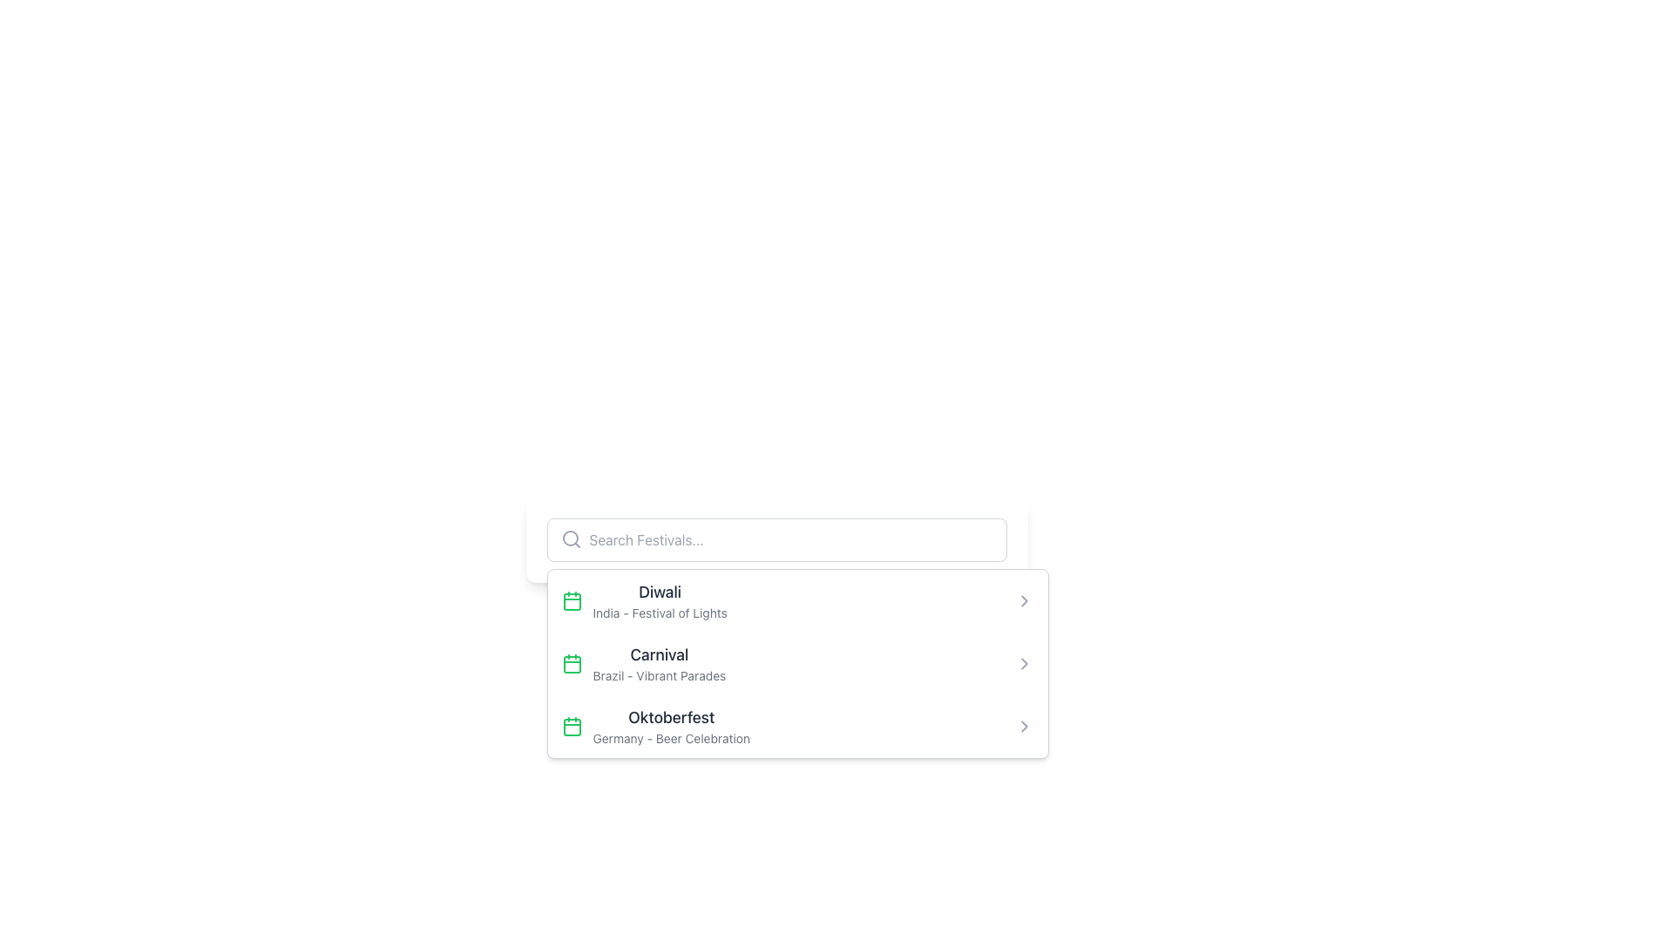 This screenshot has height=941, width=1673. Describe the element at coordinates (572, 665) in the screenshot. I see `the rectangle inside the second calendar icon for 'Carnival,' which is to the left of the text 'Brazil - Vibrant Parades.'` at that location.